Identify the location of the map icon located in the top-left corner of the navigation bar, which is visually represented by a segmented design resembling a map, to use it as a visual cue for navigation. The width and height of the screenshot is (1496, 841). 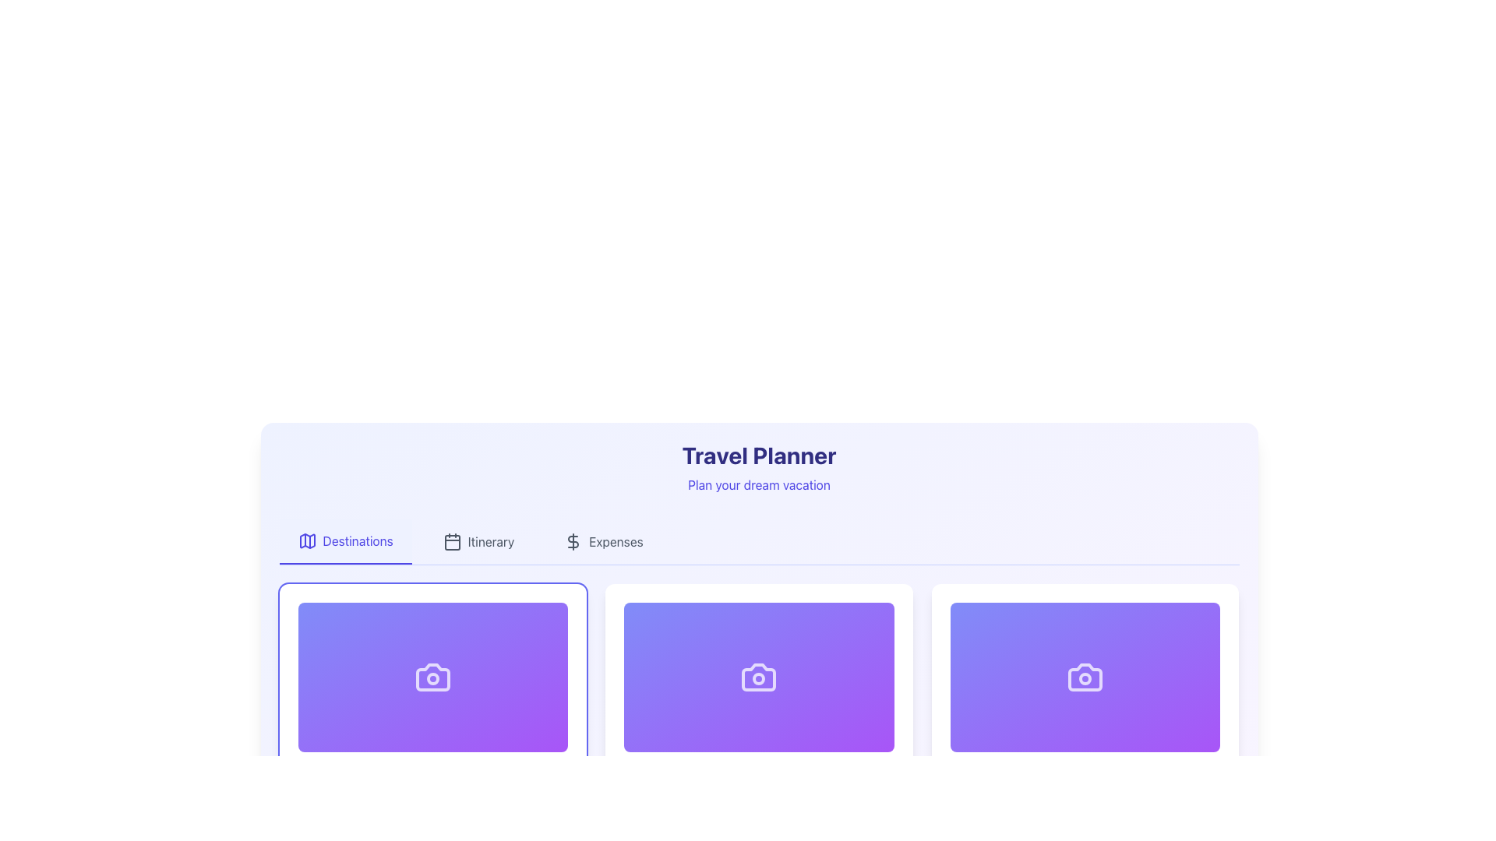
(307, 540).